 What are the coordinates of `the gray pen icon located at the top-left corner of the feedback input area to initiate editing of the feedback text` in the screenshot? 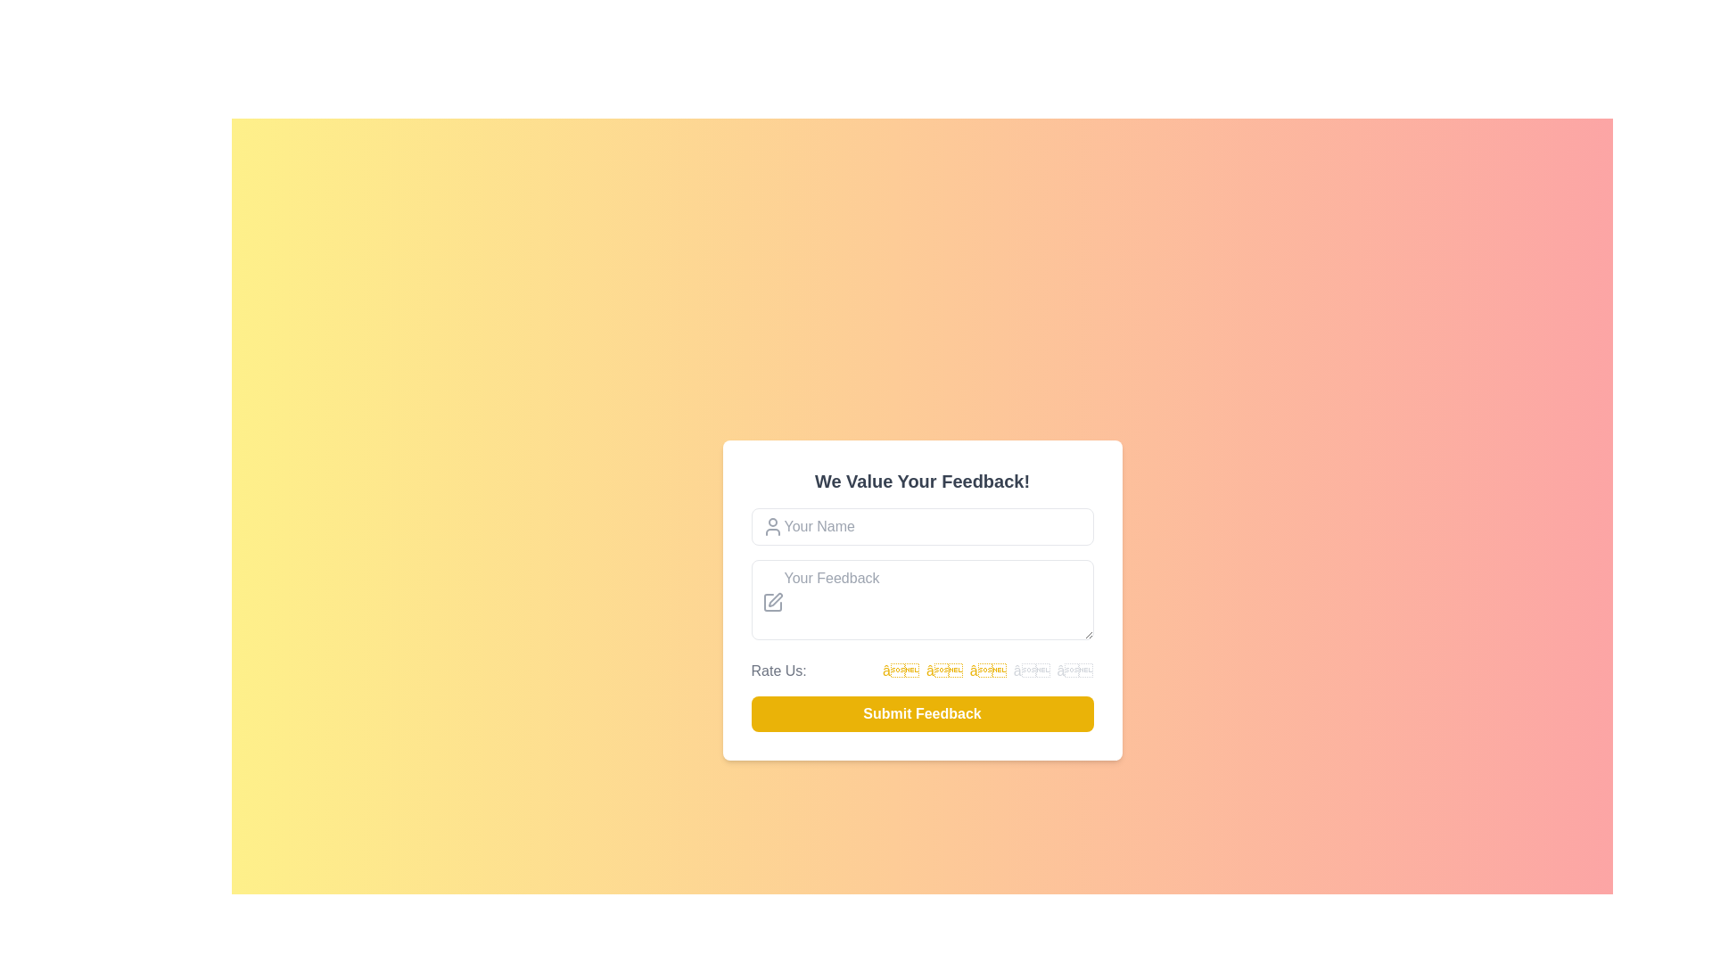 It's located at (772, 602).